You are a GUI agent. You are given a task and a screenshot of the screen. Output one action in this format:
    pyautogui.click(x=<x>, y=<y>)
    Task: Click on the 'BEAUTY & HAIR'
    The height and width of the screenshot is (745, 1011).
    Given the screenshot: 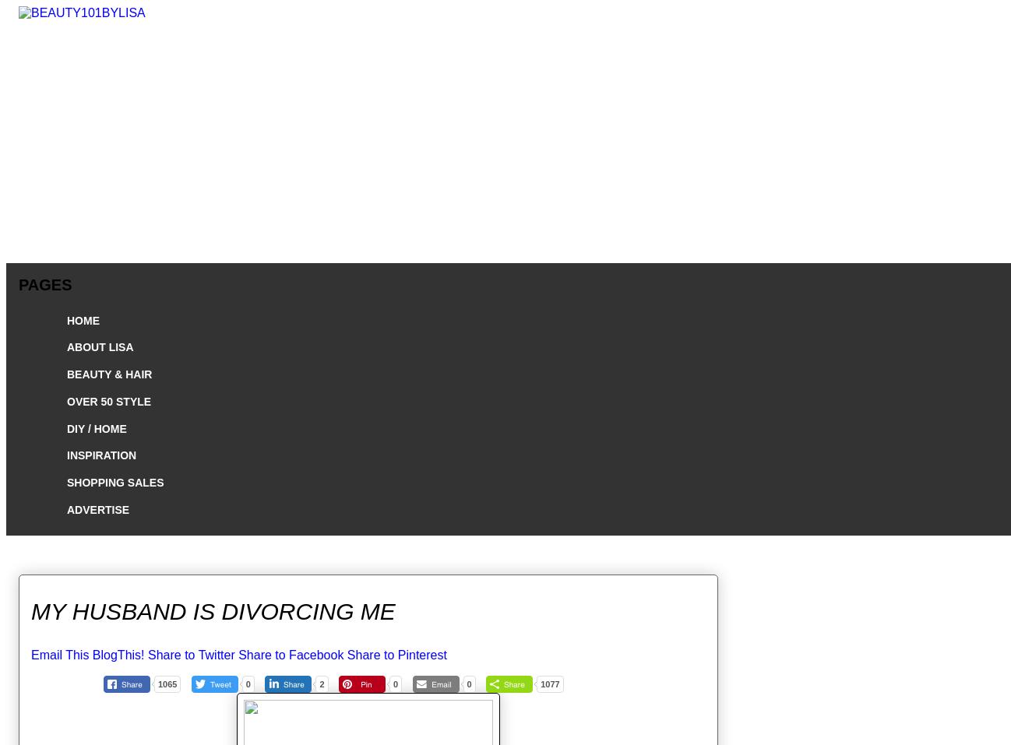 What is the action you would take?
    pyautogui.click(x=108, y=374)
    